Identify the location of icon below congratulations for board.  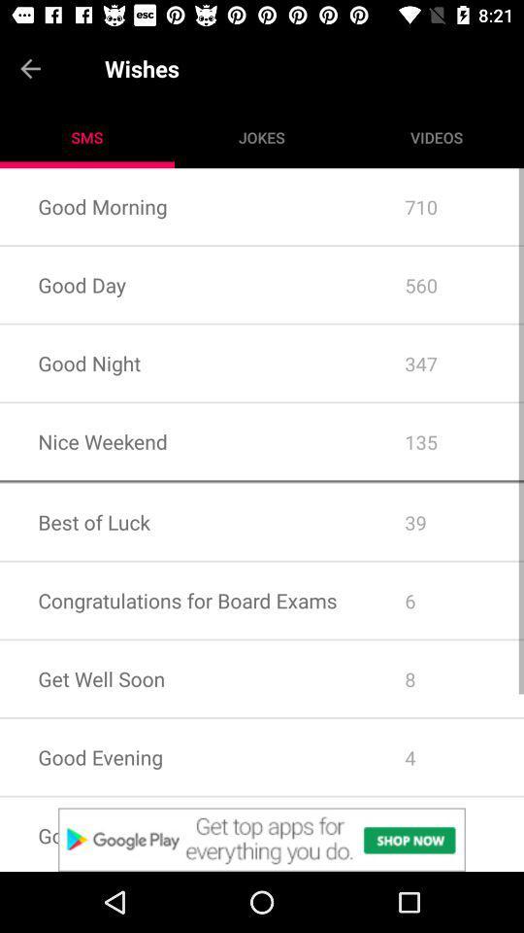
(262, 638).